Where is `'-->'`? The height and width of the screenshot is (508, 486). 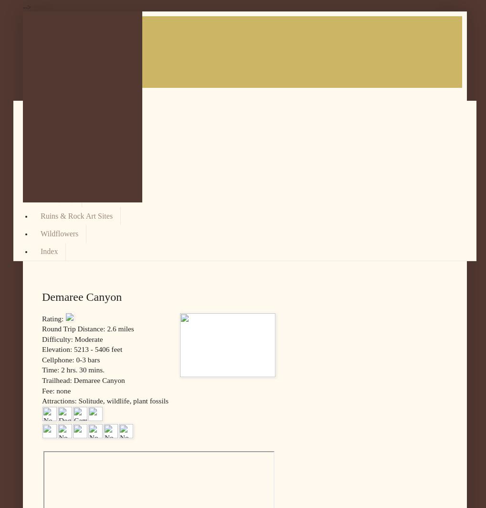
'-->' is located at coordinates (27, 7).